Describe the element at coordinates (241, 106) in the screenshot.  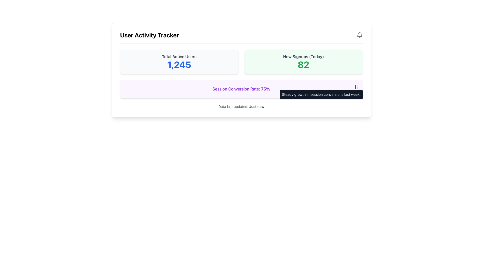
I see `the text label located at the bottom of the 'User Activity Tracker' section, which indicates the recency of the displayed data` at that location.